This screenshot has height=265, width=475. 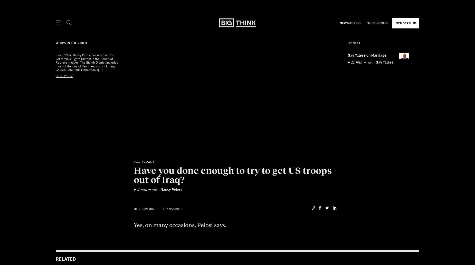 I want to click on 'Nancy Pelosi', so click(x=160, y=176).